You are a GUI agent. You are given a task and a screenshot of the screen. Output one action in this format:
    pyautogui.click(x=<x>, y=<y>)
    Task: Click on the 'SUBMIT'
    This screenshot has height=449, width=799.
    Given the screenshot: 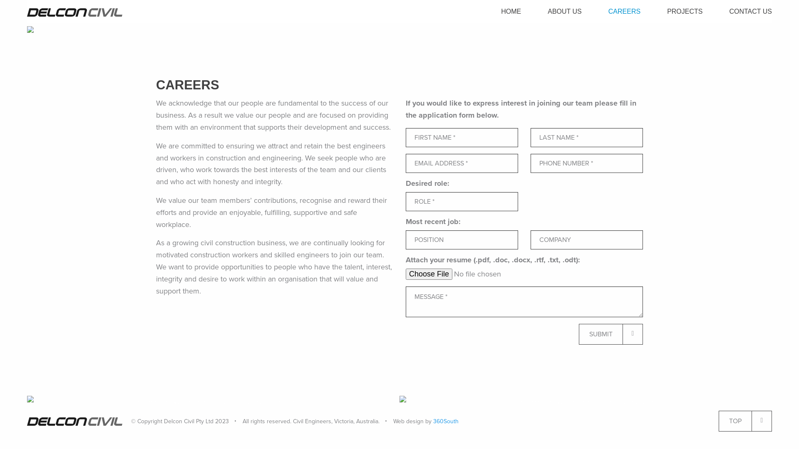 What is the action you would take?
    pyautogui.click(x=611, y=333)
    